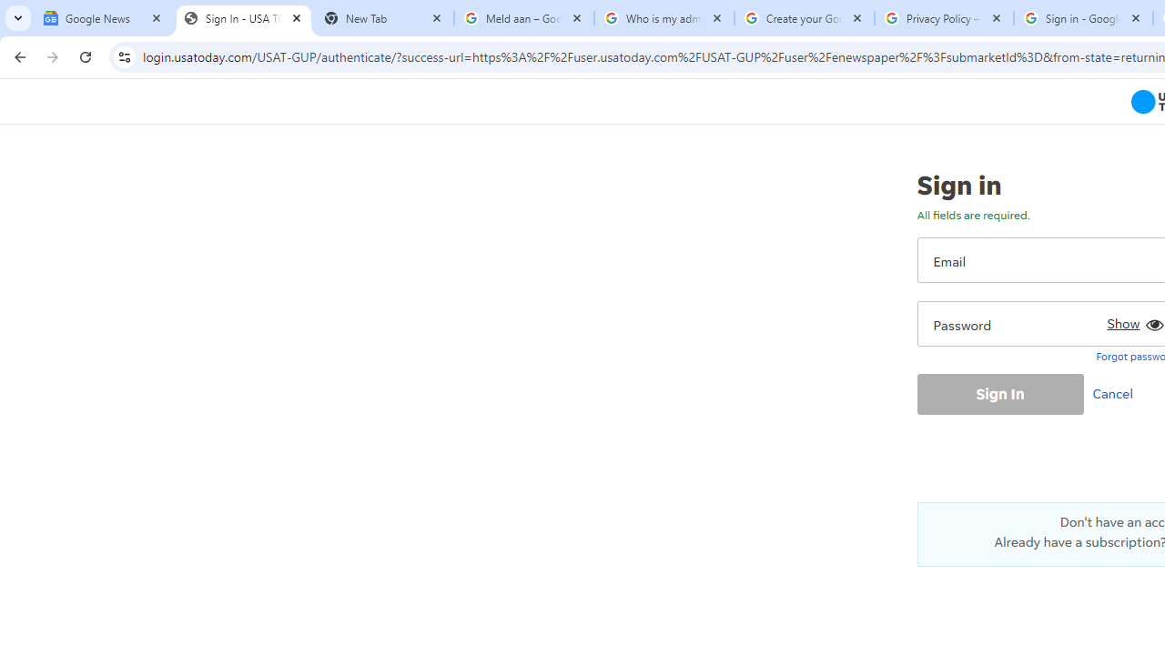 This screenshot has width=1165, height=655. What do you see at coordinates (102, 18) in the screenshot?
I see `'Google News'` at bounding box center [102, 18].